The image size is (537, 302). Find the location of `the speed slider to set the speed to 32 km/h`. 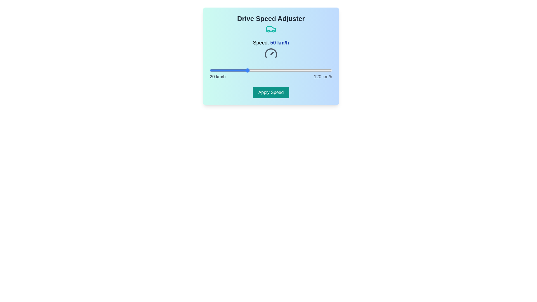

the speed slider to set the speed to 32 km/h is located at coordinates (224, 70).